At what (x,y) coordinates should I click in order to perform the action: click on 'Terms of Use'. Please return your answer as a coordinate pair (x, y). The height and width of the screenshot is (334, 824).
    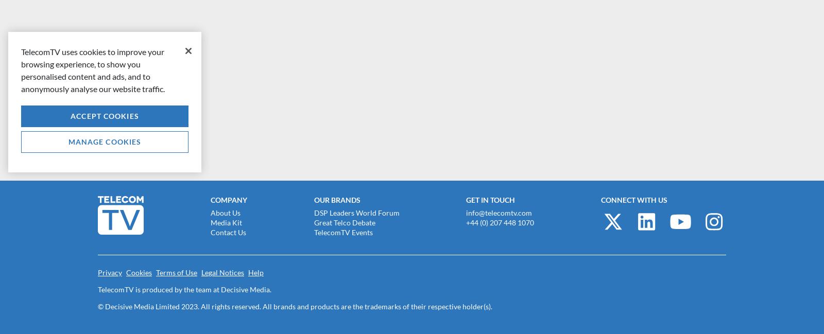
    Looking at the image, I should click on (177, 272).